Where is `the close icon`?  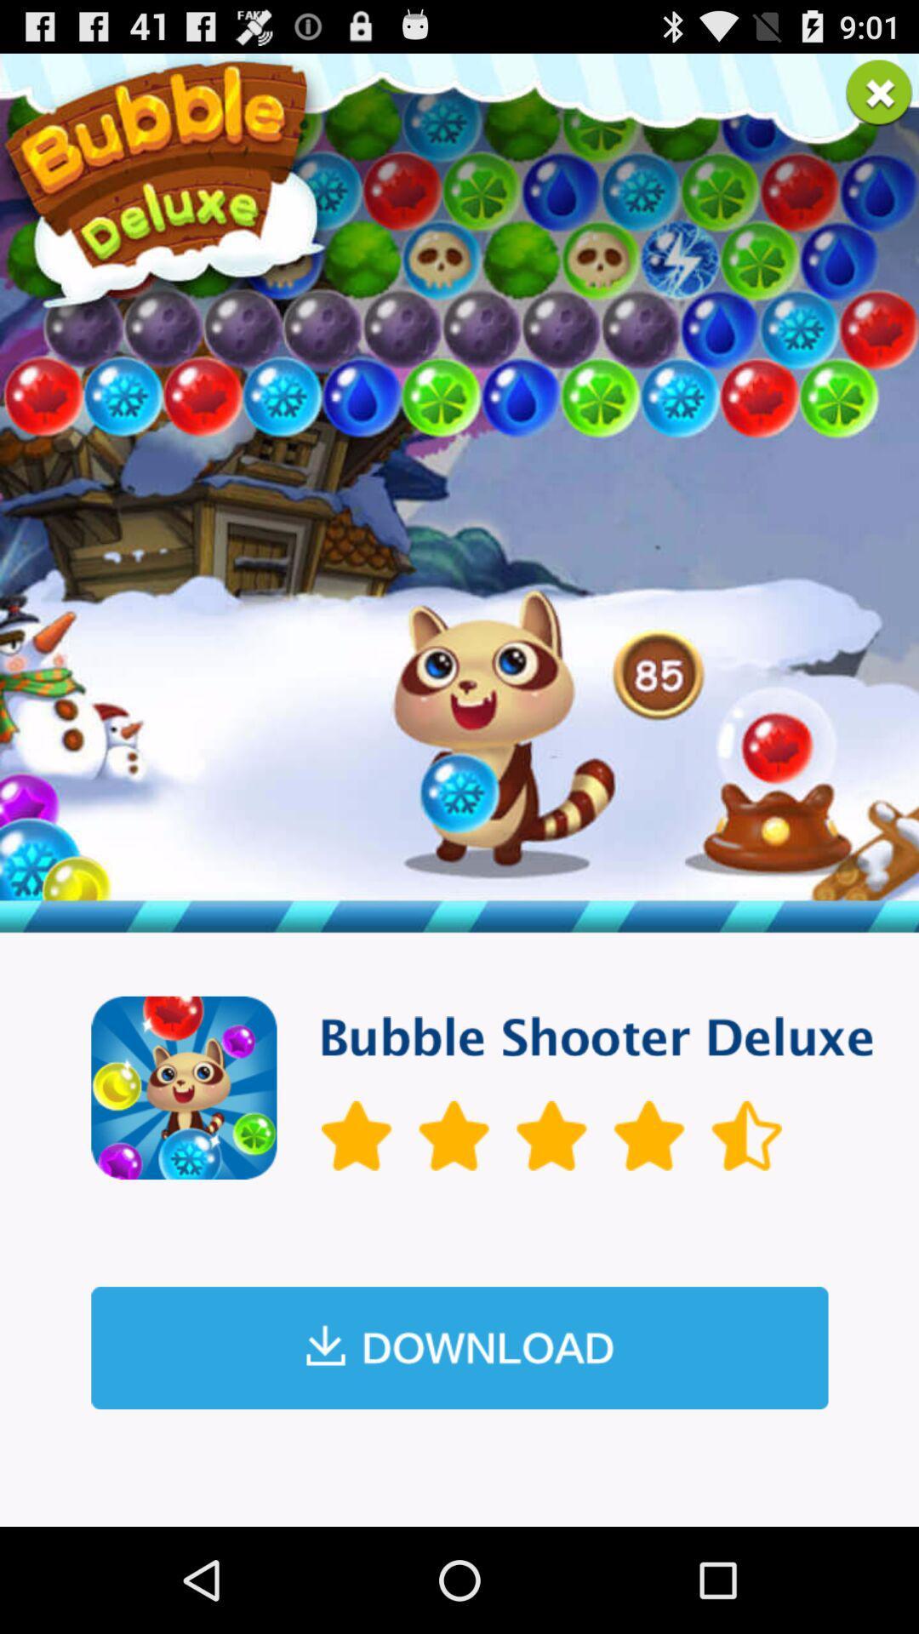
the close icon is located at coordinates (879, 99).